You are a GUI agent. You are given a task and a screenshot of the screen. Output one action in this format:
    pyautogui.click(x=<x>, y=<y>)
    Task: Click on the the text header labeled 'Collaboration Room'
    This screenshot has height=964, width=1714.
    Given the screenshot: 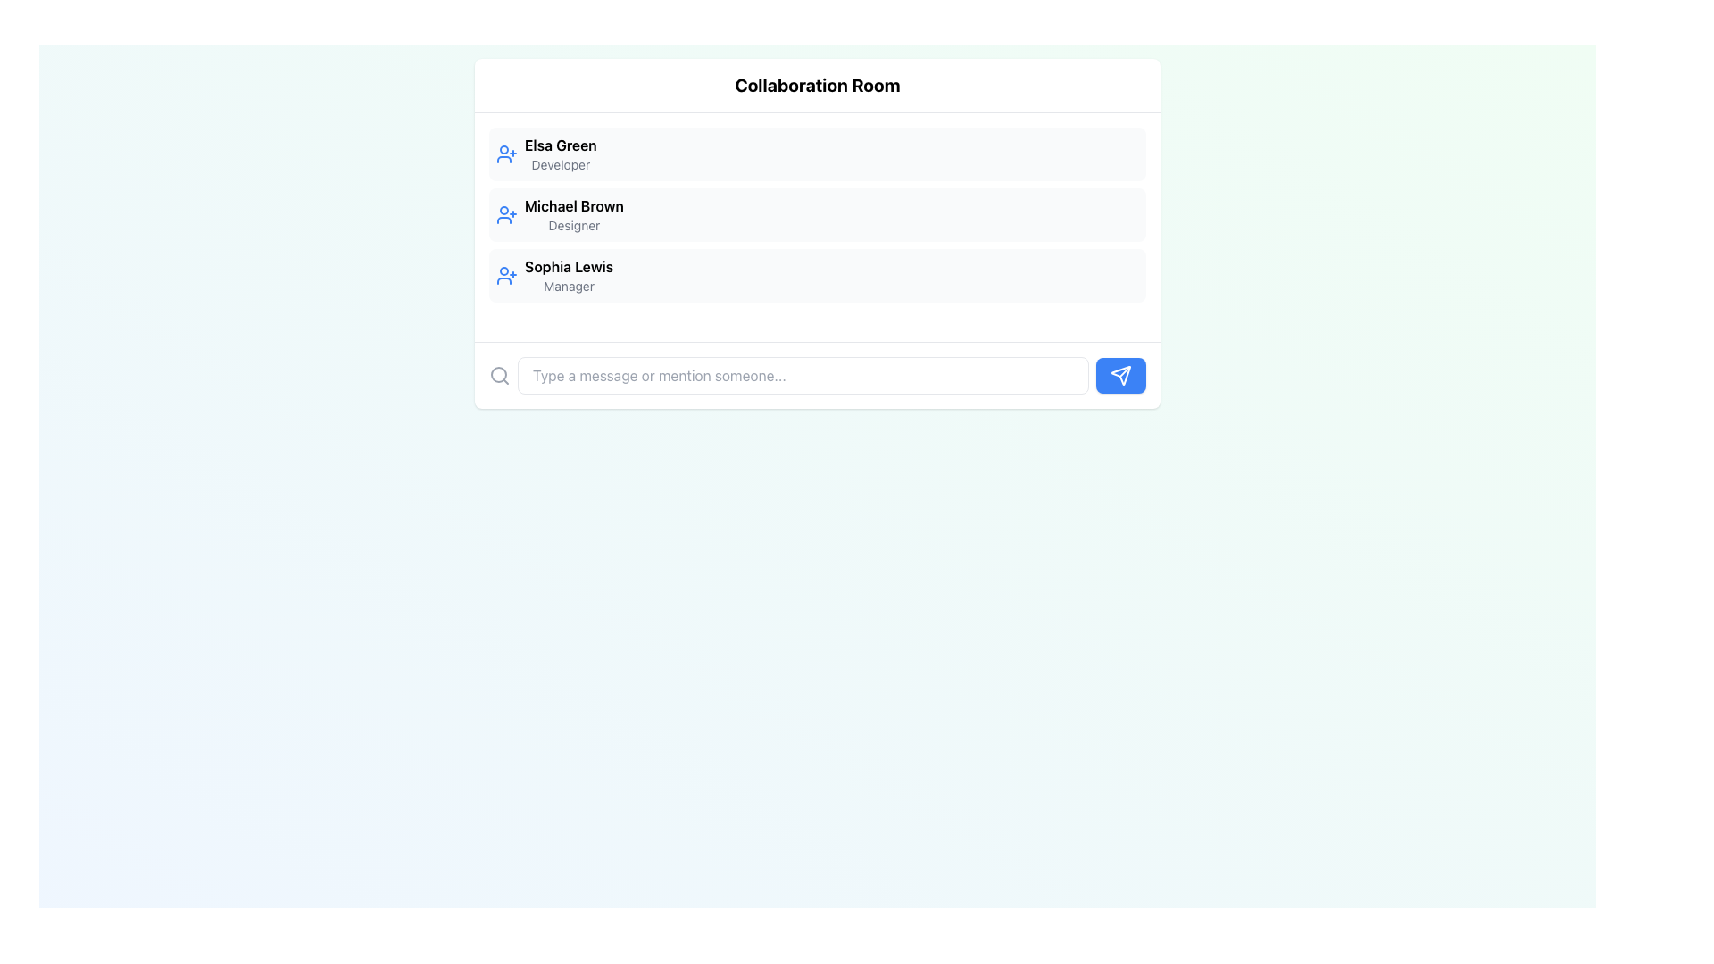 What is the action you would take?
    pyautogui.click(x=817, y=86)
    